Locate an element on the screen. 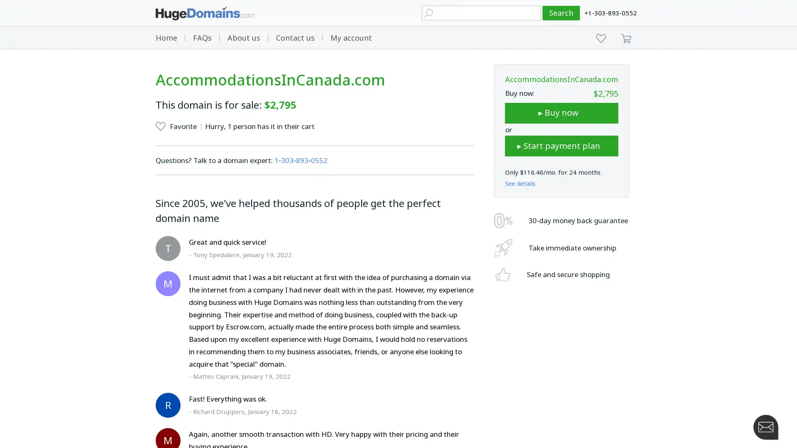  Search is located at coordinates (561, 13).